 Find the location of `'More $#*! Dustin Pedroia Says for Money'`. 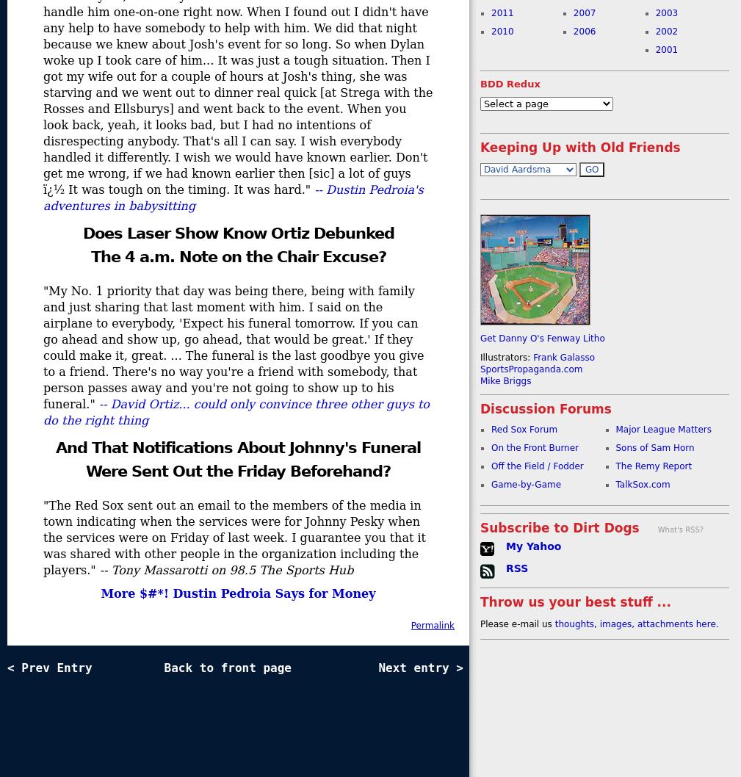

'More $#*! Dustin Pedroia Says for Money' is located at coordinates (236, 593).